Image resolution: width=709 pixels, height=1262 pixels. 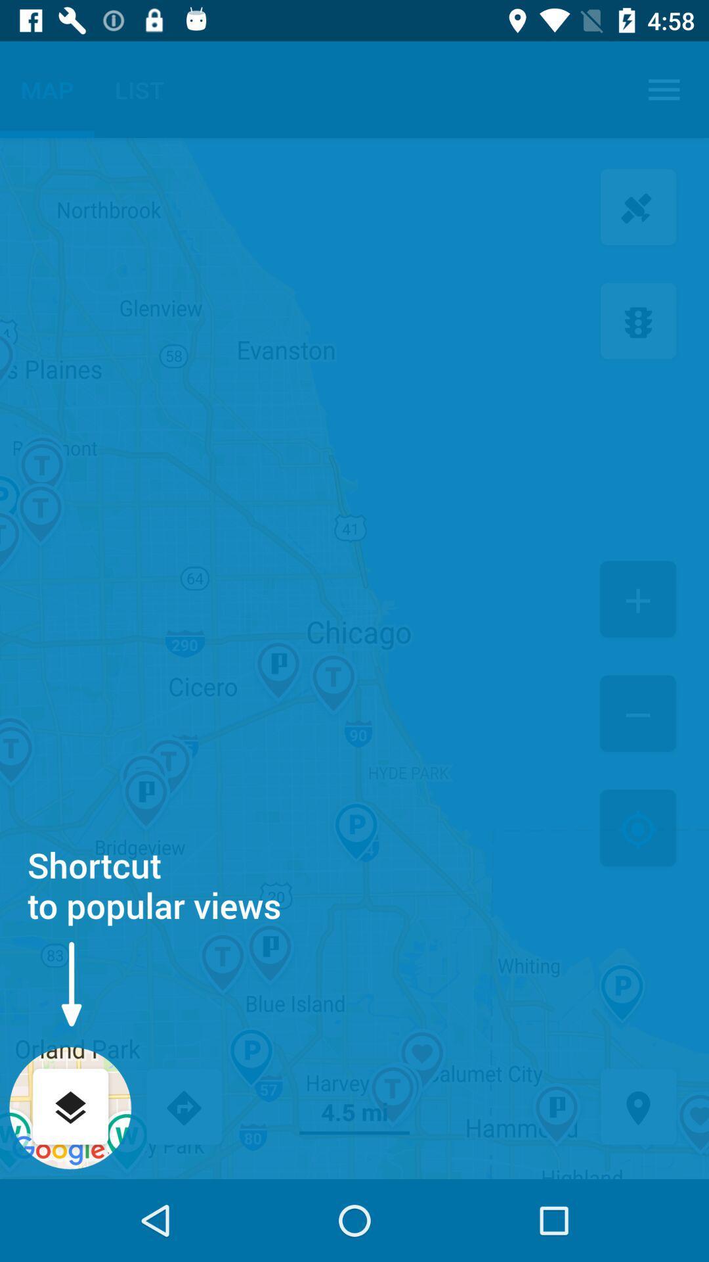 I want to click on the icon next to the 4.5 mi icon, so click(x=637, y=1108).